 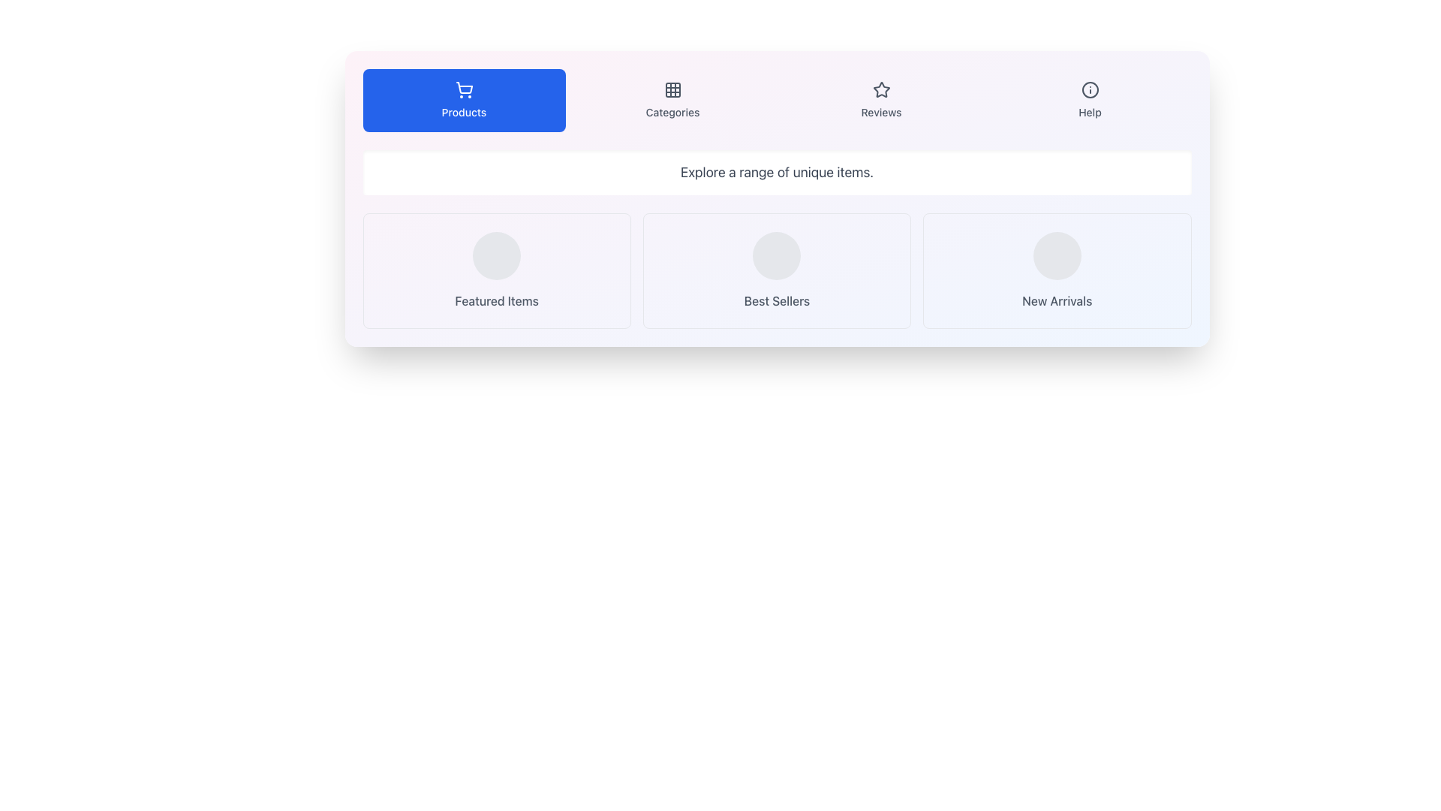 I want to click on the informational label 'Help' located near the top-right of the interface, which provides contextual help for the adjacent information icon, so click(x=1090, y=112).